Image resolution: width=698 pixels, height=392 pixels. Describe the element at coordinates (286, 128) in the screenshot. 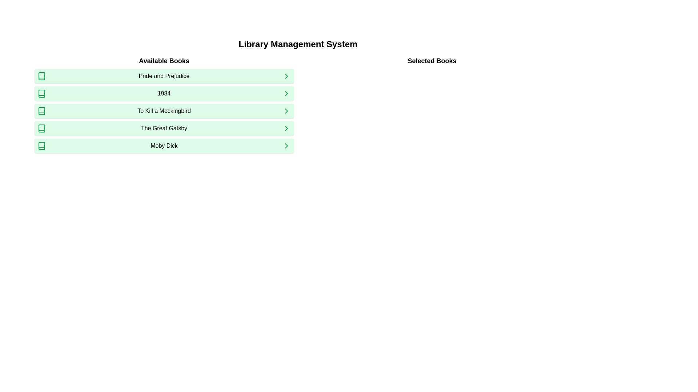

I see `the small right-facing chevron icon with a green stroke located to the right of the 'Moby Dick' text in the fifth row of the 'Available Books' list` at that location.